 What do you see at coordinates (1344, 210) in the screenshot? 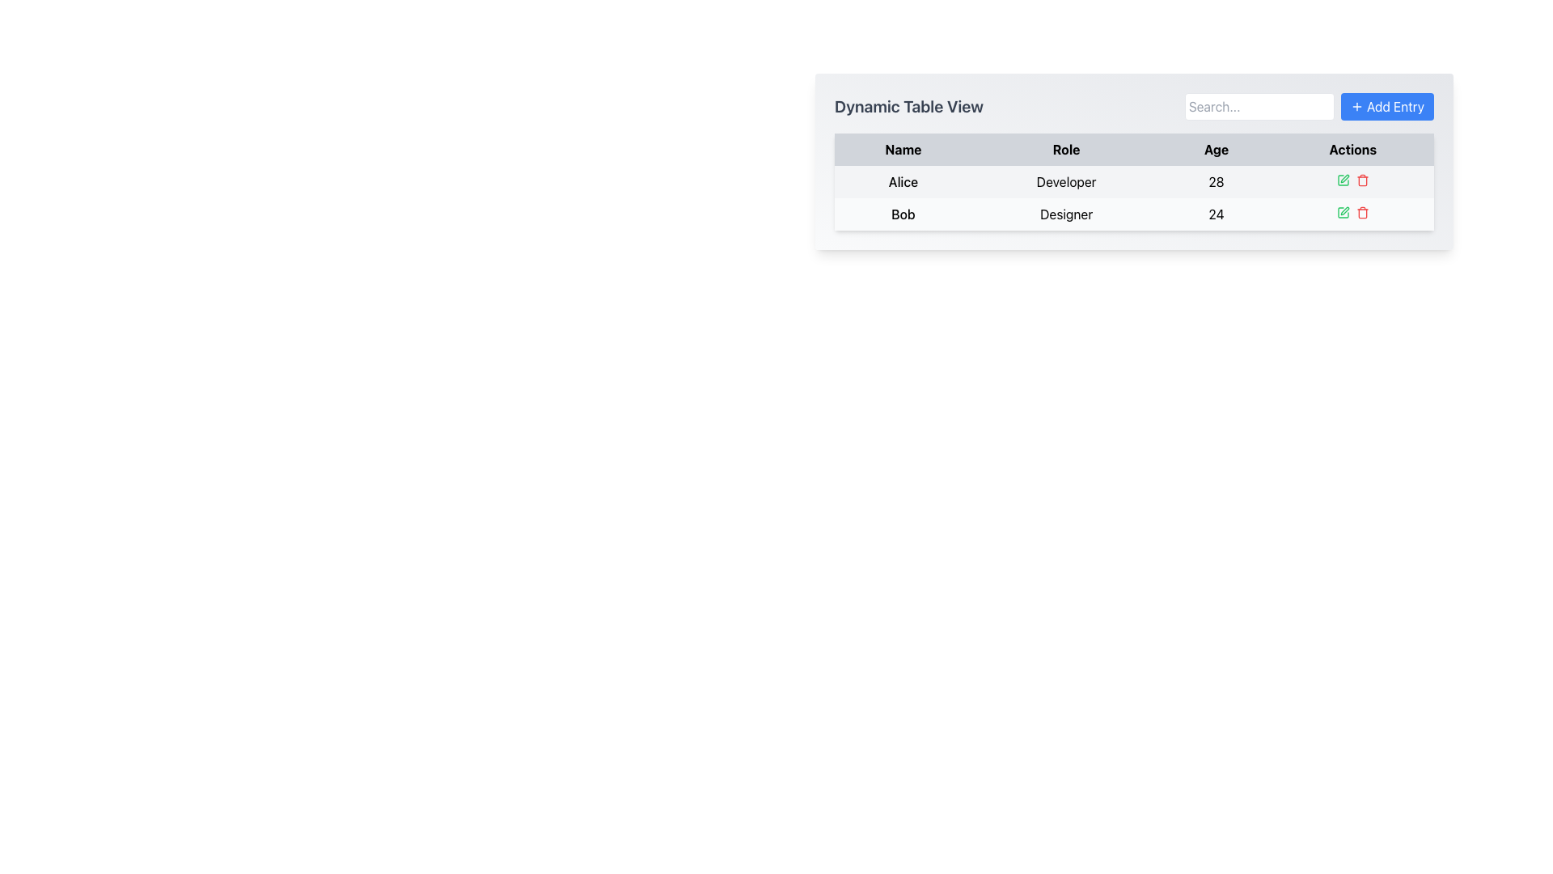
I see `the pen tip icon in the 'Actions' column of the second row of the table` at bounding box center [1344, 210].